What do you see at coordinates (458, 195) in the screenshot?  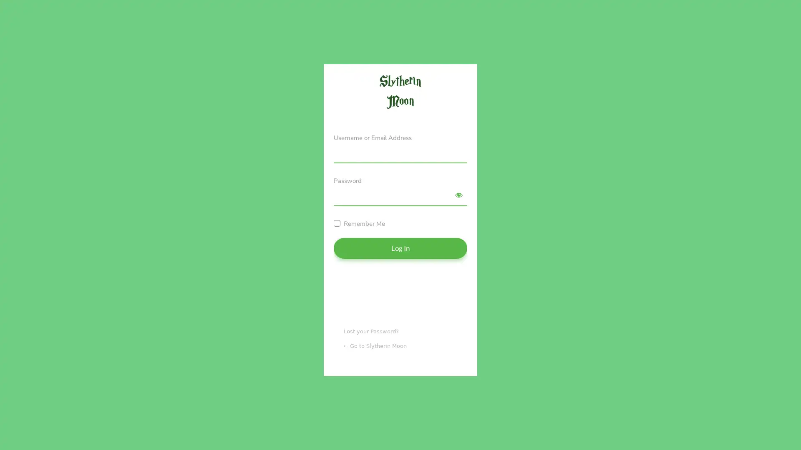 I see `Show Password` at bounding box center [458, 195].